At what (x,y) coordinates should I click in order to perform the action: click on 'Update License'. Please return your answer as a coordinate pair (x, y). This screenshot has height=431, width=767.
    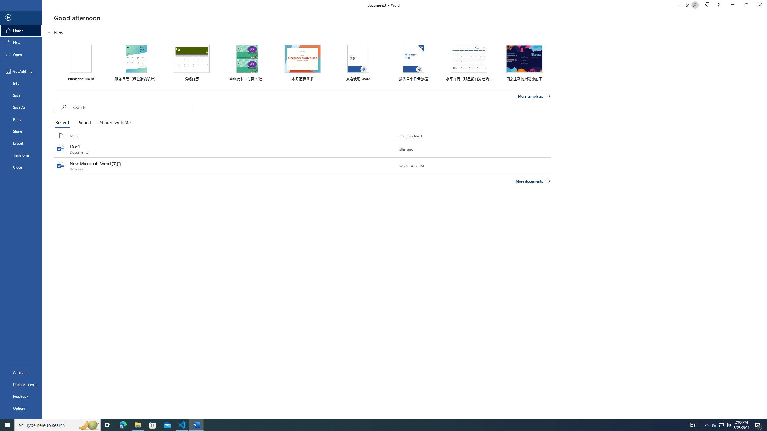
    Looking at the image, I should click on (21, 384).